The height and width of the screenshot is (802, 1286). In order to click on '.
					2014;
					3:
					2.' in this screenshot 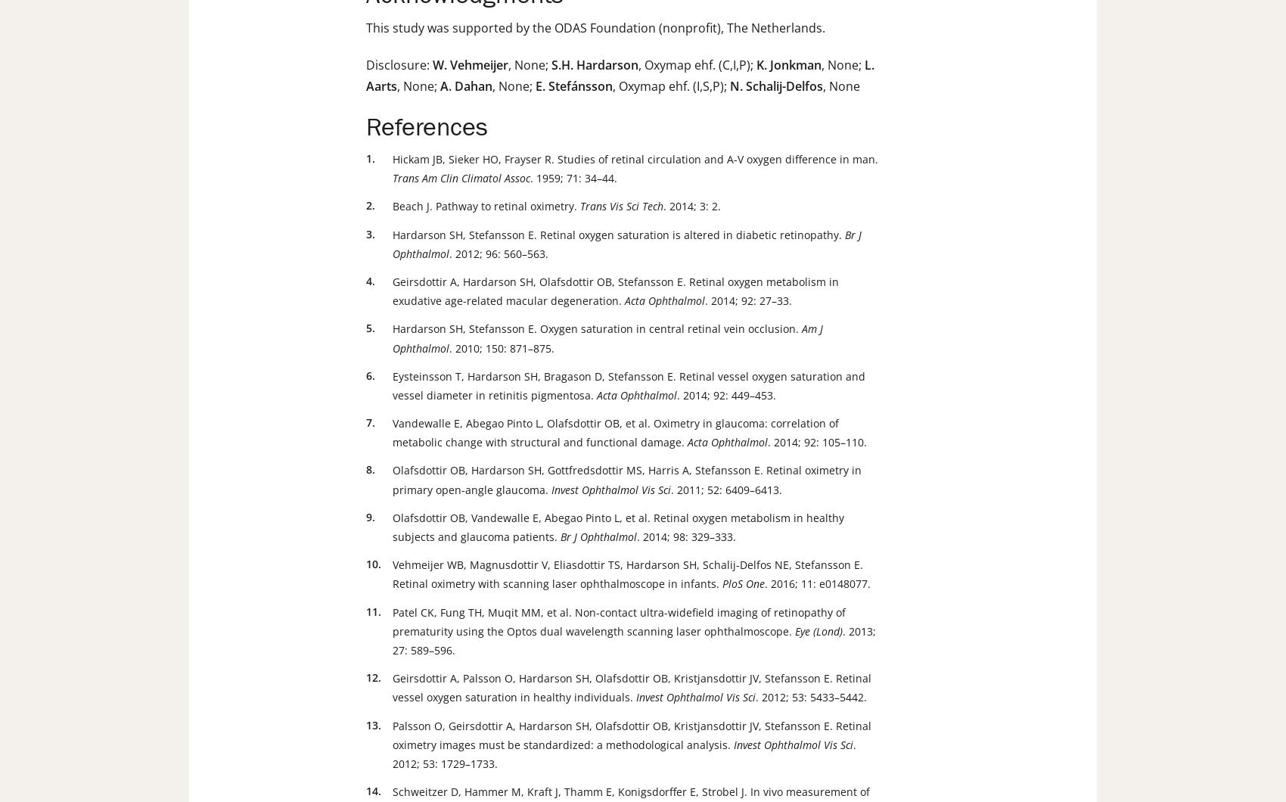, I will do `click(691, 206)`.